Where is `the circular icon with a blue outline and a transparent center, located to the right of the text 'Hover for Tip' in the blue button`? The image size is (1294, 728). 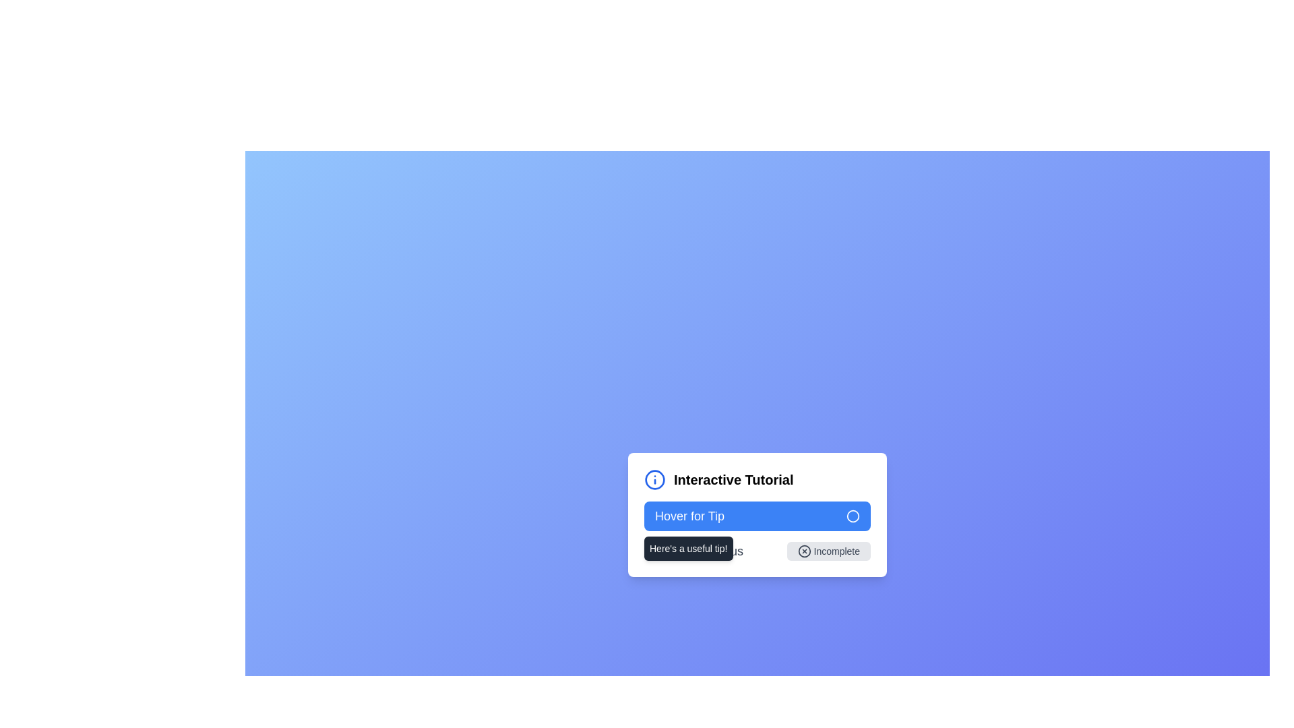 the circular icon with a blue outline and a transparent center, located to the right of the text 'Hover for Tip' in the blue button is located at coordinates (853, 516).